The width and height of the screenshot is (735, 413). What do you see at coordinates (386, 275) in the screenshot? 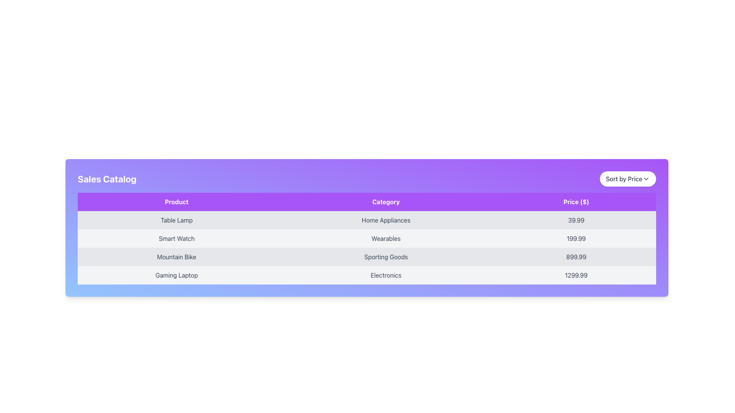
I see `the static text label displaying 'Electronics' located in the fourth row, second column of the table under the 'Category' header` at bounding box center [386, 275].